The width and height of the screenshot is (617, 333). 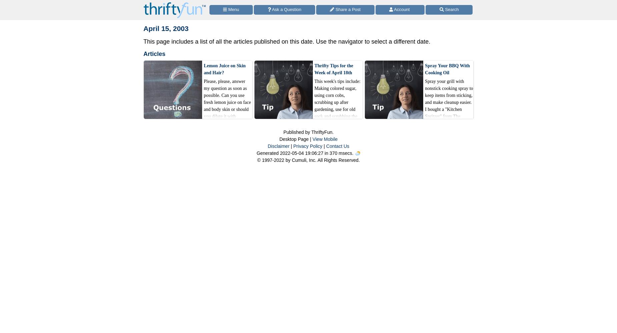 What do you see at coordinates (286, 9) in the screenshot?
I see `'Ask a Question'` at bounding box center [286, 9].